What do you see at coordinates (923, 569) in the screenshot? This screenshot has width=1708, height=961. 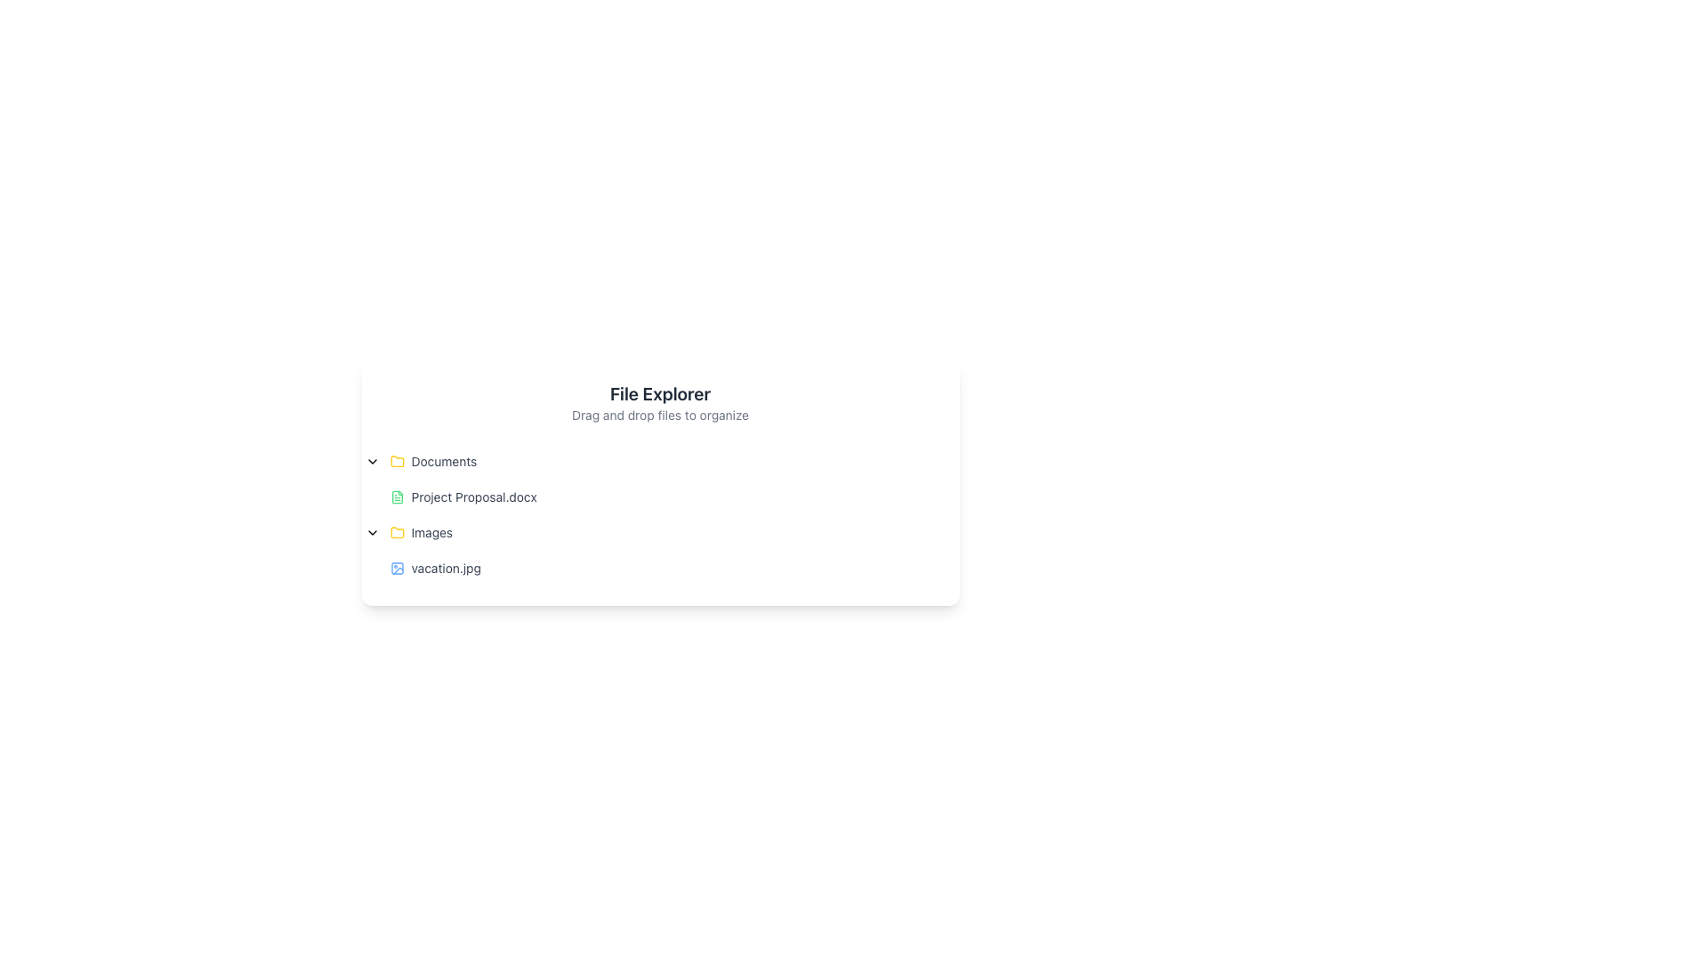 I see `the context menu trigger button located at the far-right end of the row representing the file 'vacation.jpg' to invoke the context menu` at bounding box center [923, 569].